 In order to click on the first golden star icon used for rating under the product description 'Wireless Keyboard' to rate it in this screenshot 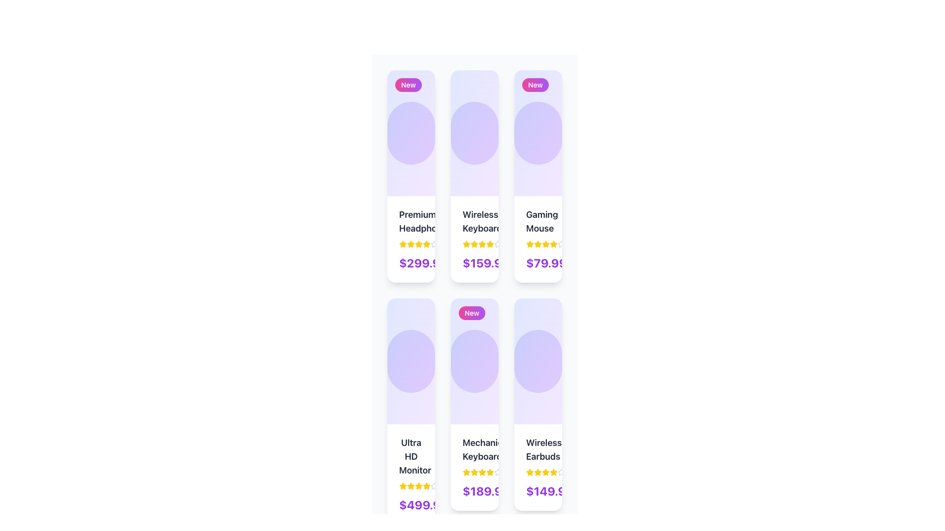, I will do `click(466, 244)`.